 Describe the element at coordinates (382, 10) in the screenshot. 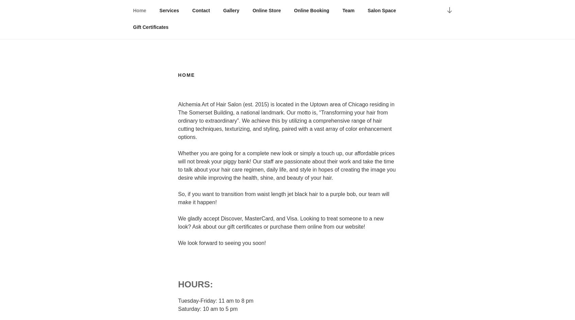

I see `'Salon Space'` at that location.